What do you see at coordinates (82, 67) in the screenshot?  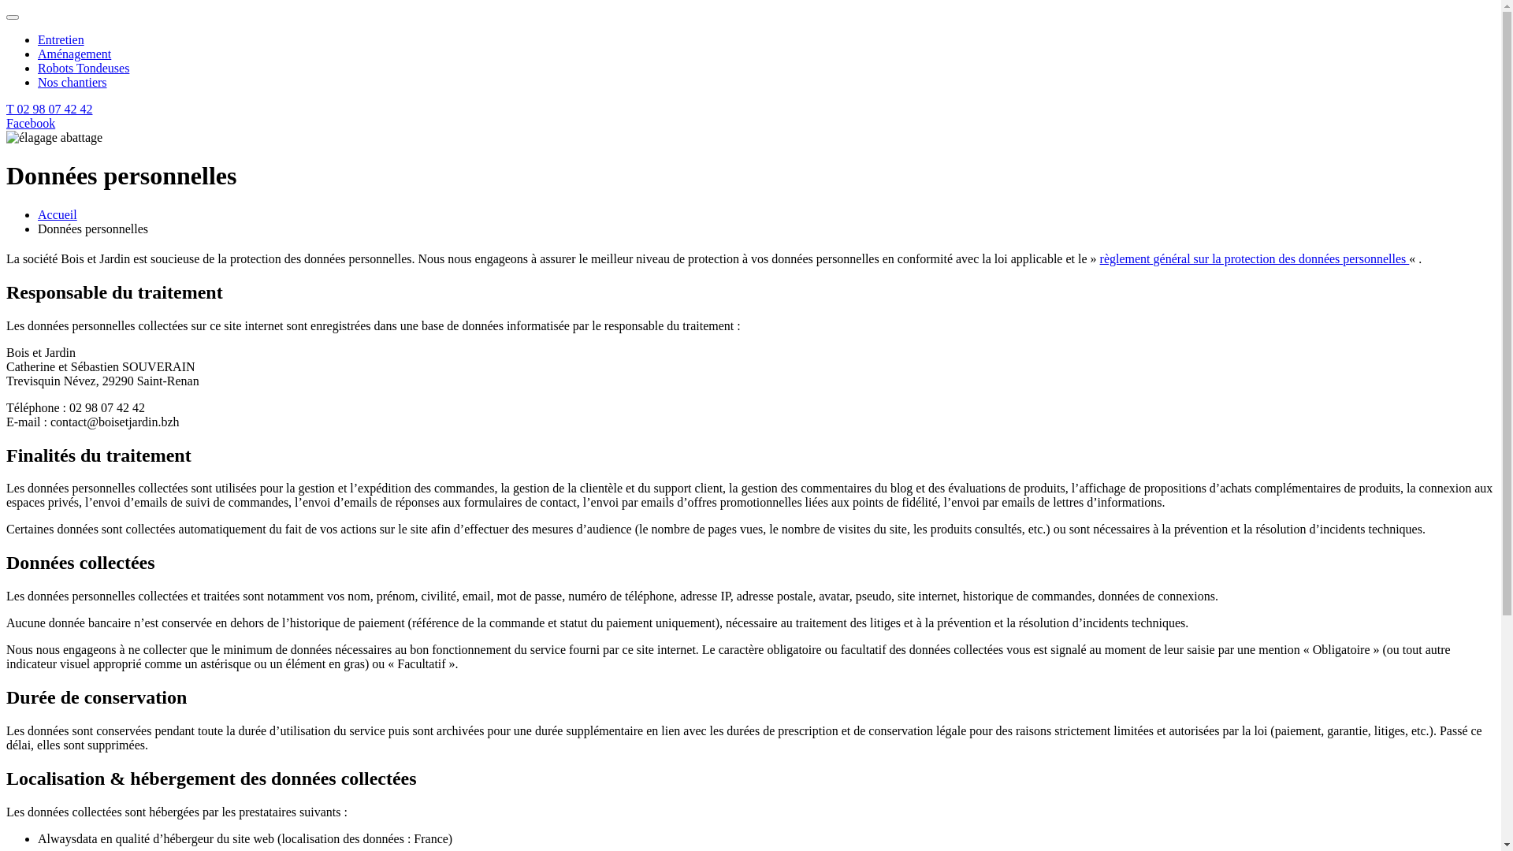 I see `'Robots Tondeuses'` at bounding box center [82, 67].